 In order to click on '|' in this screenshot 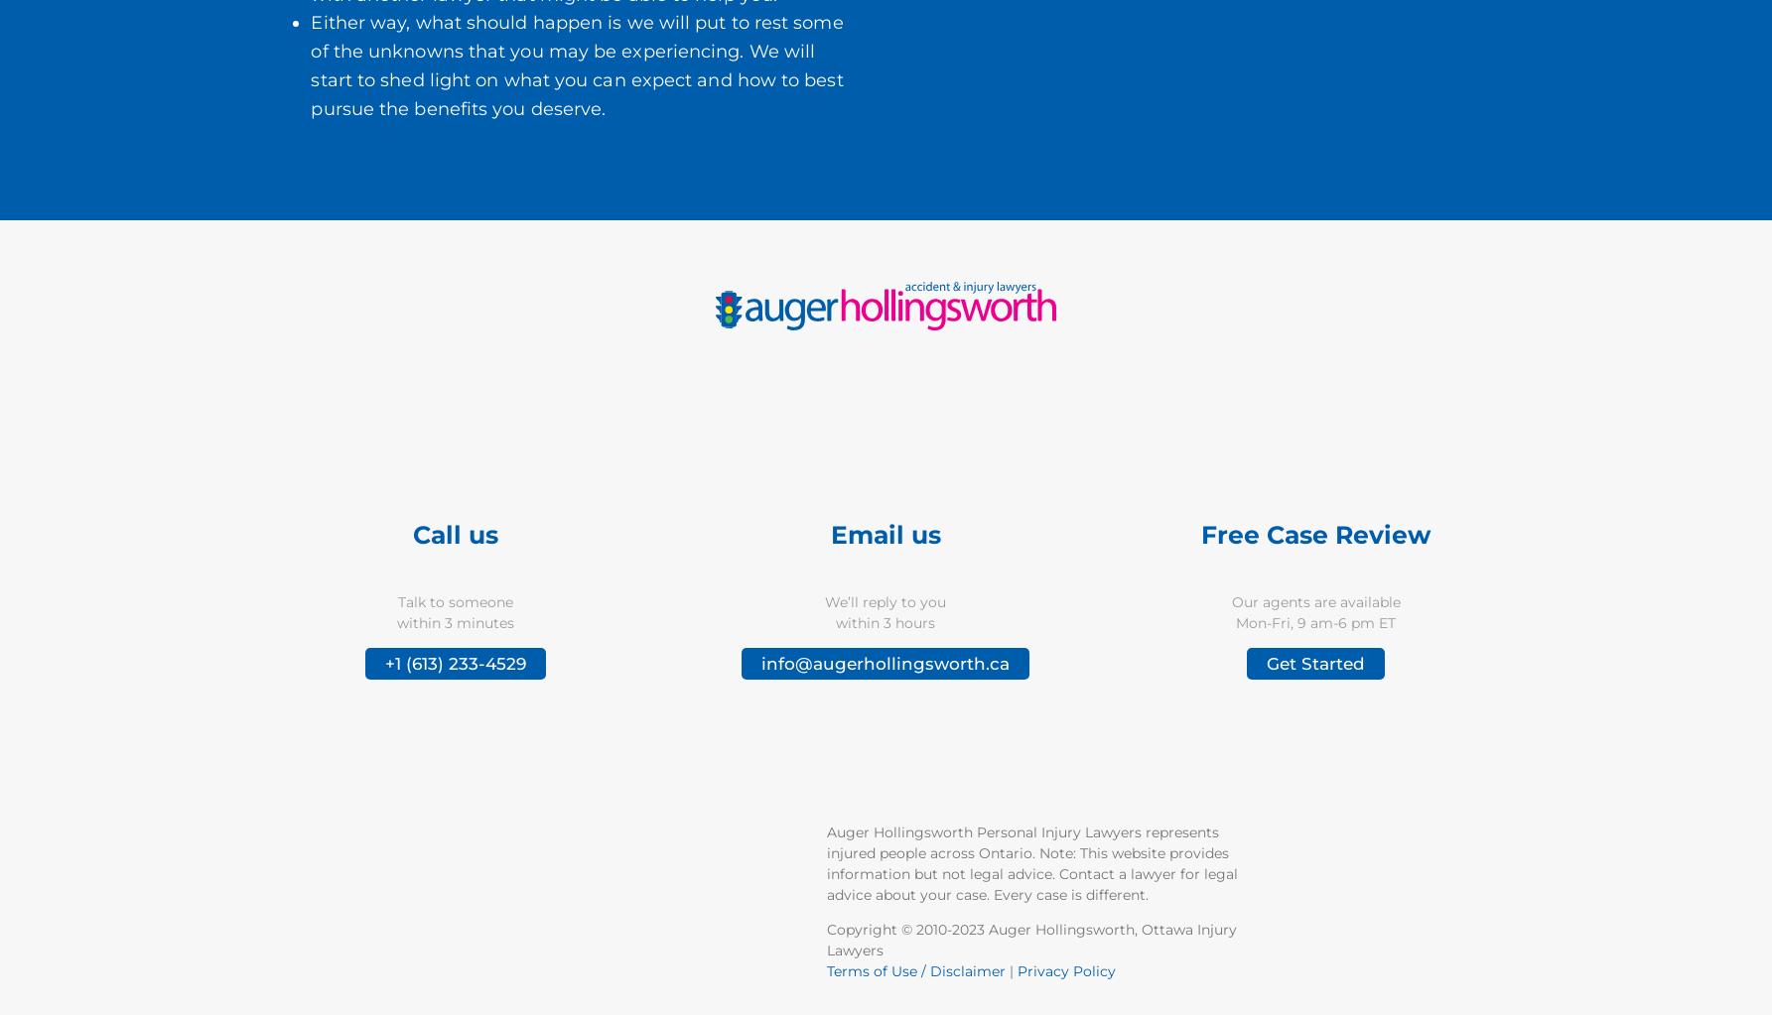, I will do `click(1003, 971)`.